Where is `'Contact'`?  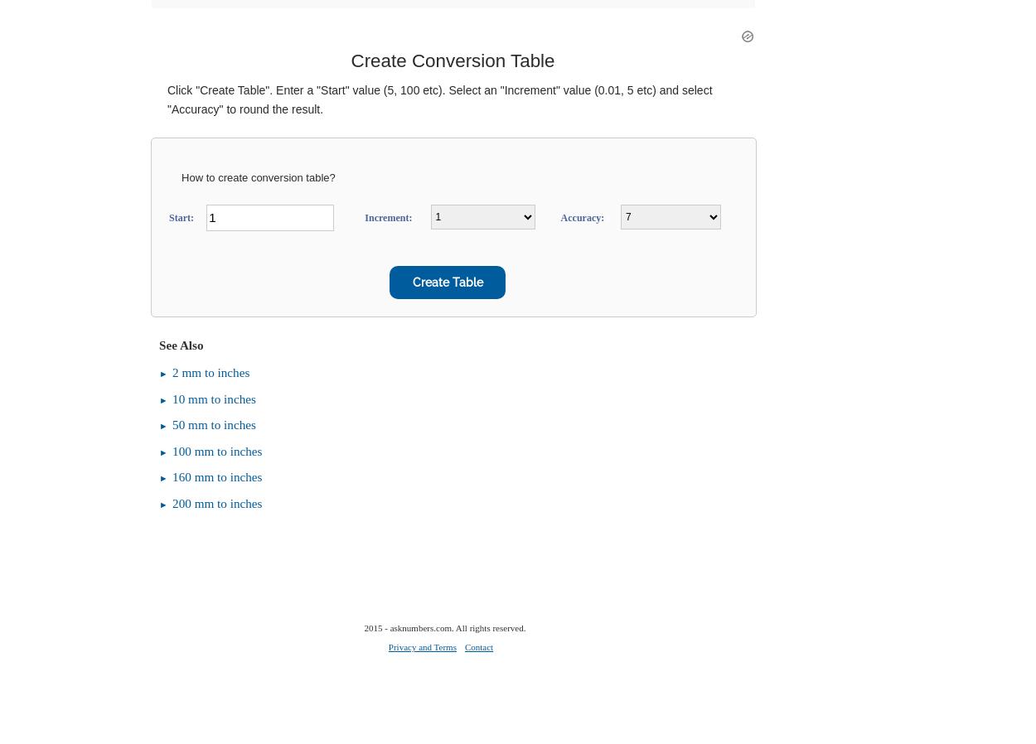
'Contact' is located at coordinates (477, 646).